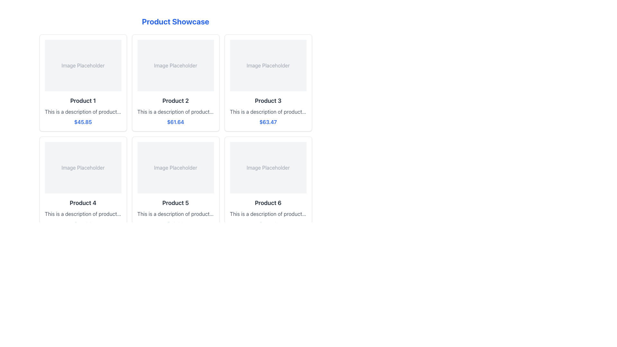 The image size is (617, 347). Describe the element at coordinates (268, 214) in the screenshot. I see `the text block providing a brief description of 'Product 6', located directly beneath its title within the product card` at that location.